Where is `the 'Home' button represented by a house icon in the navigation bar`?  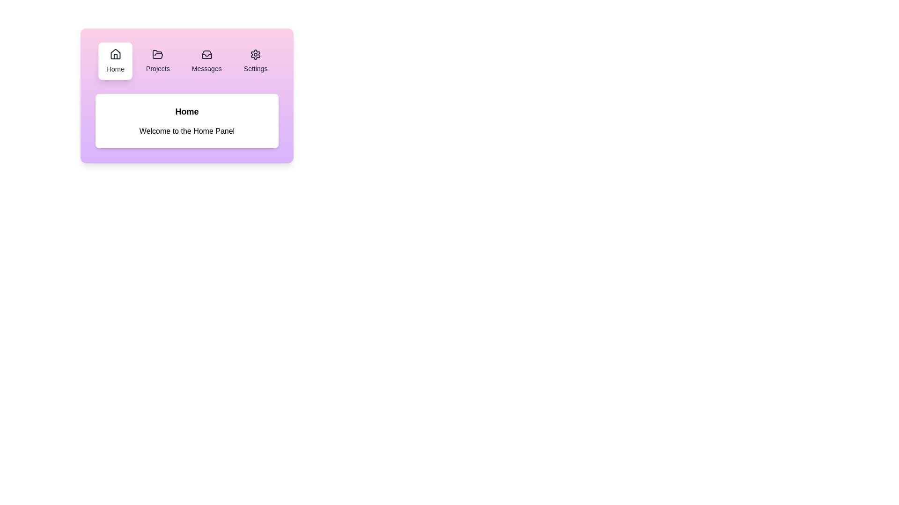 the 'Home' button represented by a house icon in the navigation bar is located at coordinates (115, 57).